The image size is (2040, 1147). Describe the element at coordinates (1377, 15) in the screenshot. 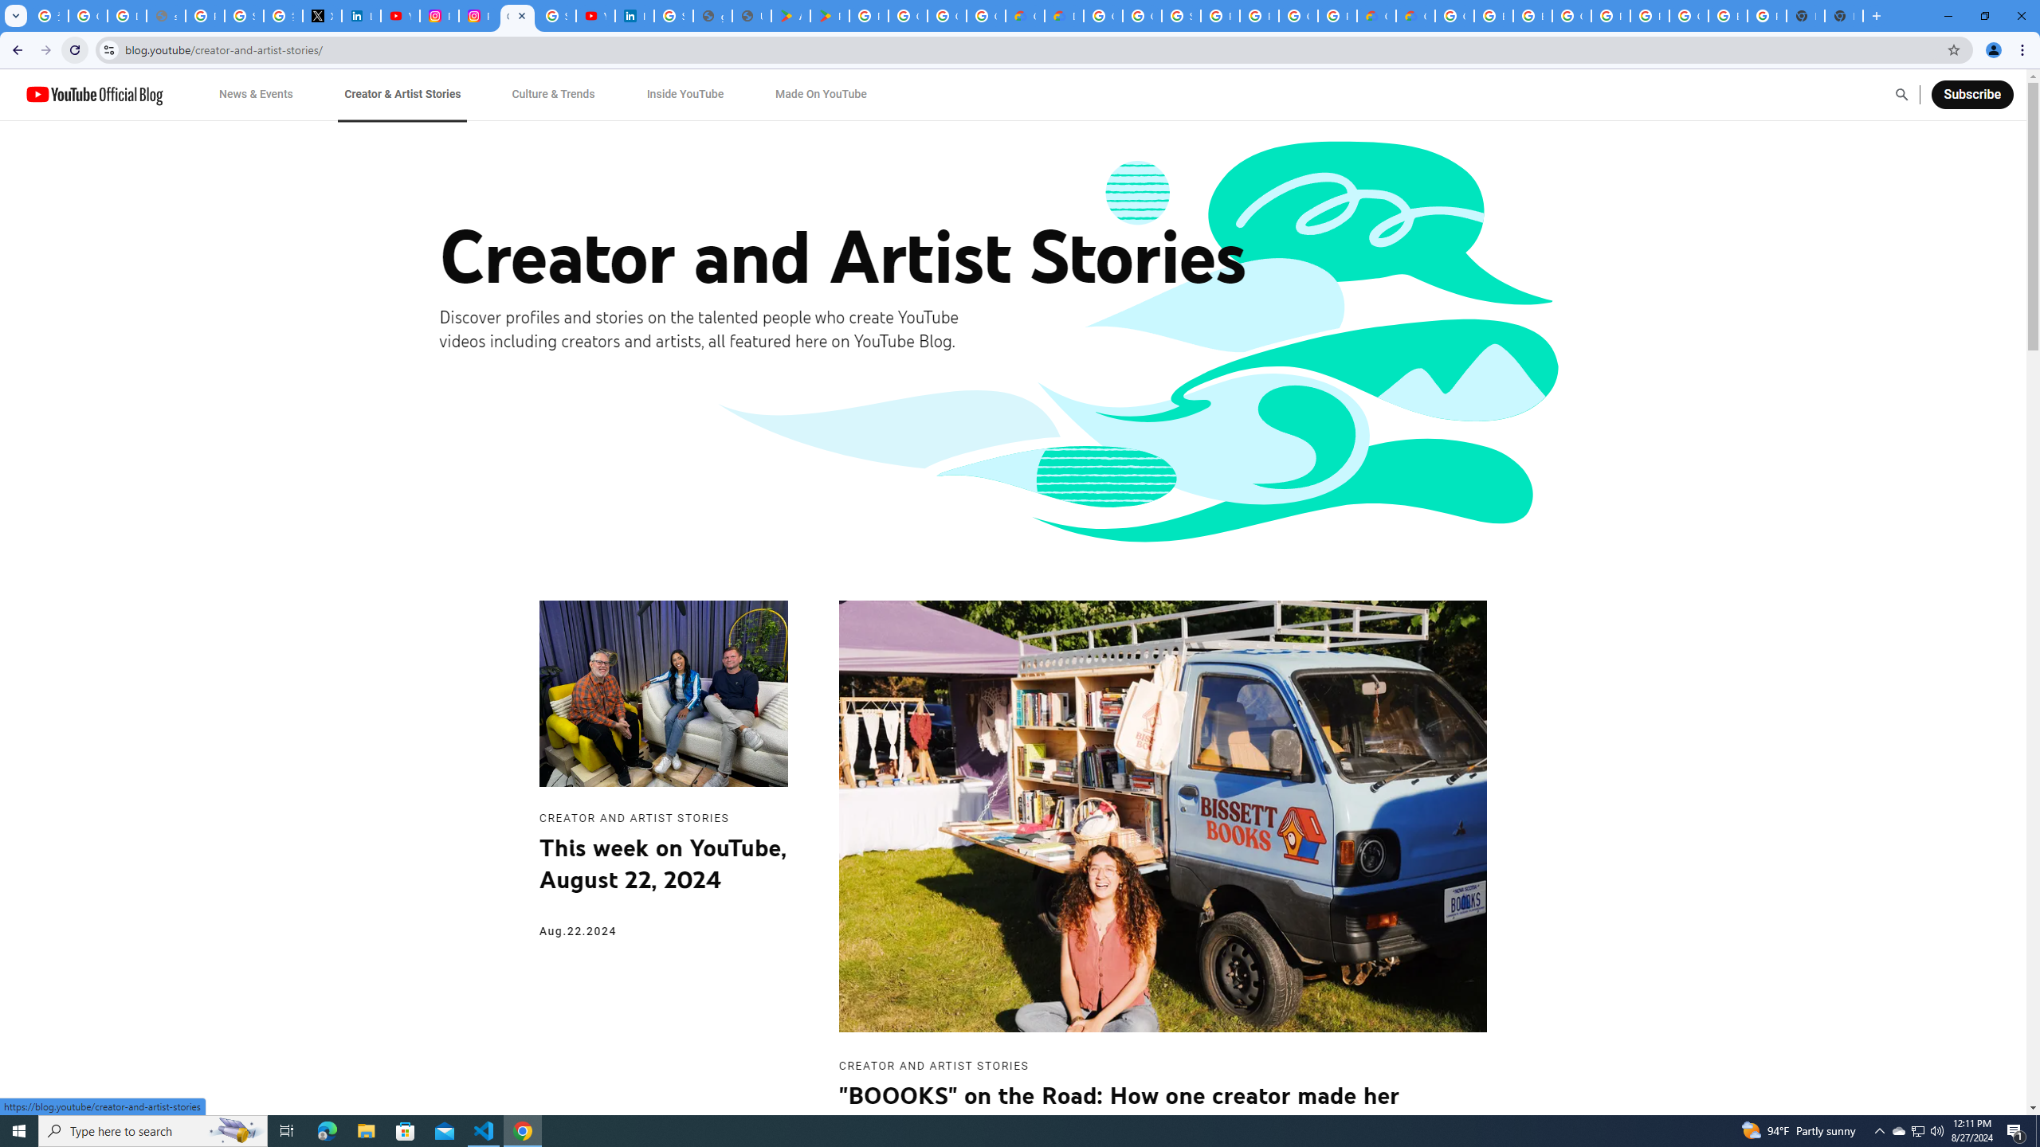

I see `'Customer Care | Google Cloud'` at that location.